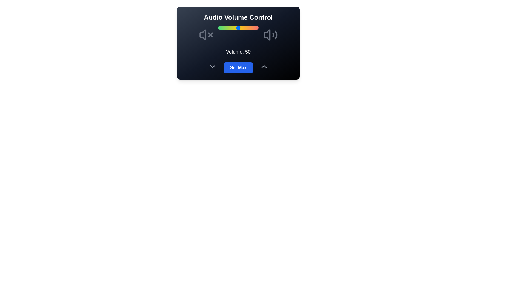 The height and width of the screenshot is (295, 526). Describe the element at coordinates (264, 66) in the screenshot. I see `the up arrow to adjust the volume` at that location.